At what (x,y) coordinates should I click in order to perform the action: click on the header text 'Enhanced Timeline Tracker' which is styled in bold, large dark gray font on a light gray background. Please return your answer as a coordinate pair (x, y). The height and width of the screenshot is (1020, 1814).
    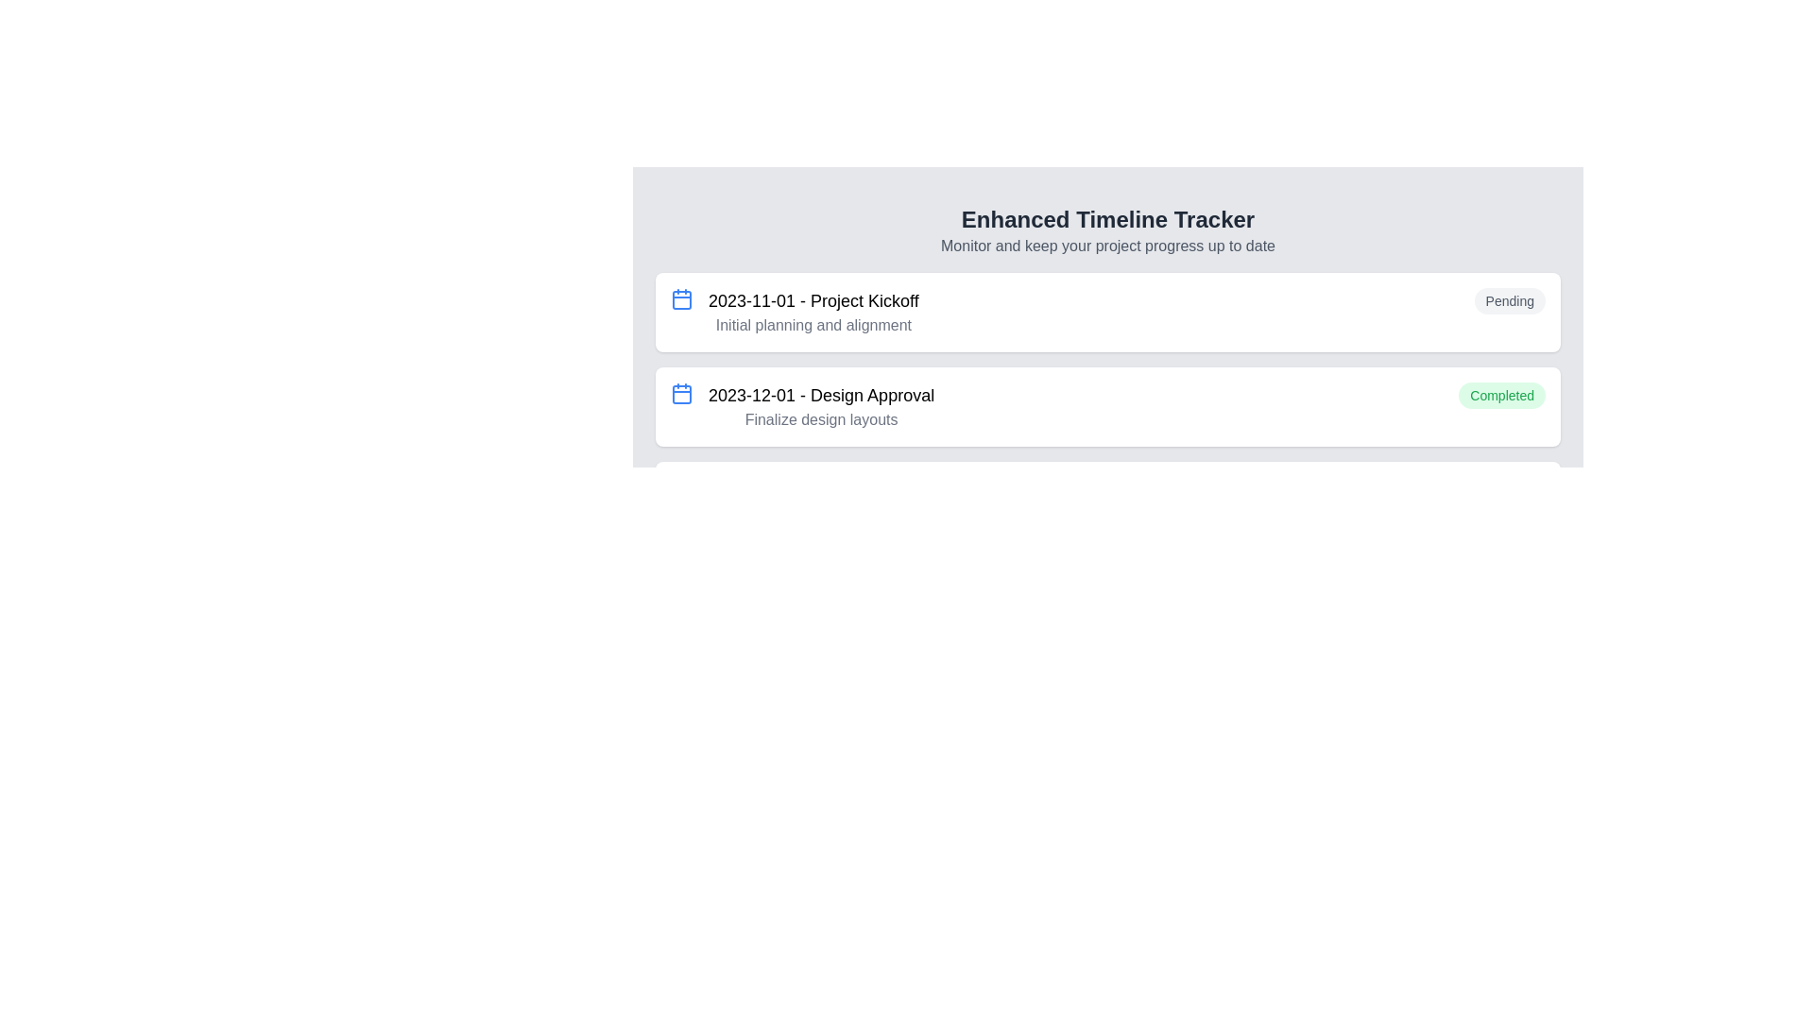
    Looking at the image, I should click on (1107, 218).